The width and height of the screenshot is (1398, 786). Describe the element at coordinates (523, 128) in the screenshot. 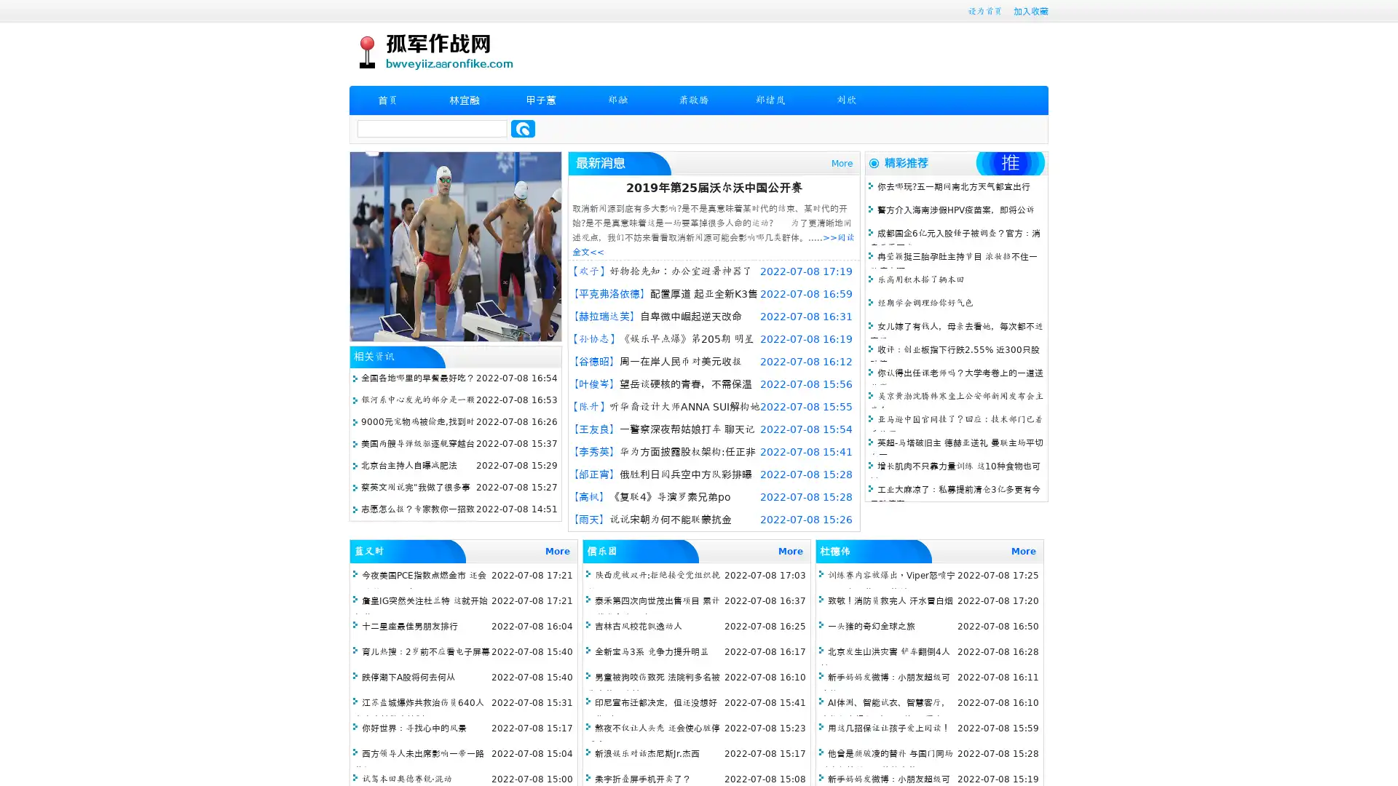

I see `Search` at that location.